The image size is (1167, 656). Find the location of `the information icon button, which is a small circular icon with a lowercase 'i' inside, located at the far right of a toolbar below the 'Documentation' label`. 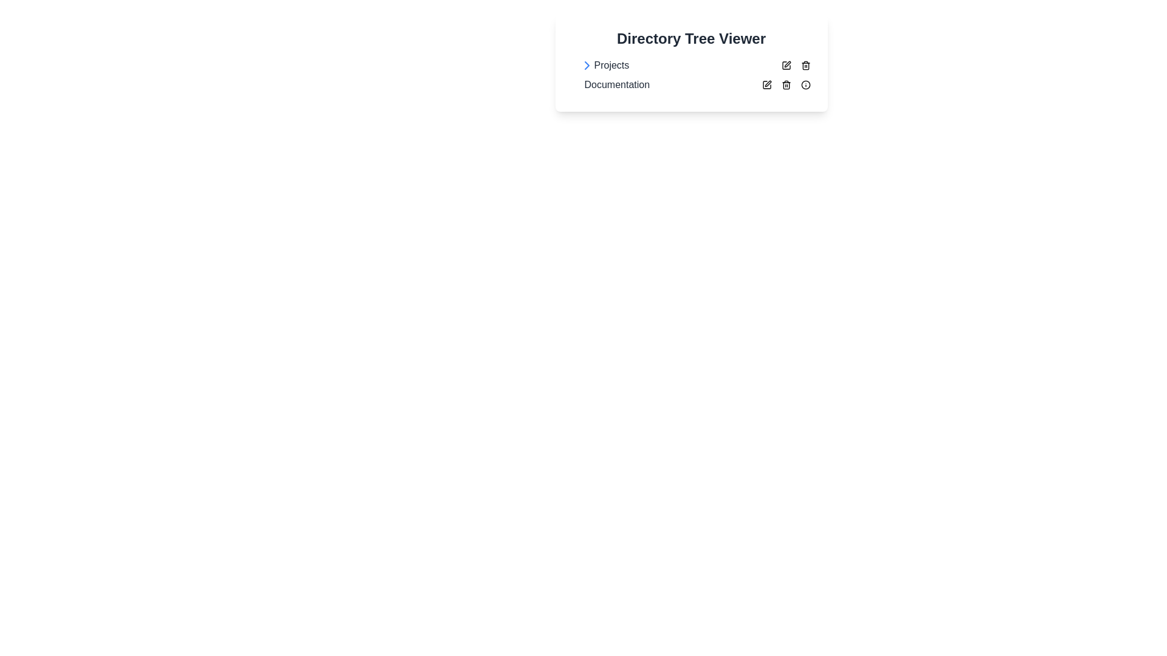

the information icon button, which is a small circular icon with a lowercase 'i' inside, located at the far right of a toolbar below the 'Documentation' label is located at coordinates (805, 84).